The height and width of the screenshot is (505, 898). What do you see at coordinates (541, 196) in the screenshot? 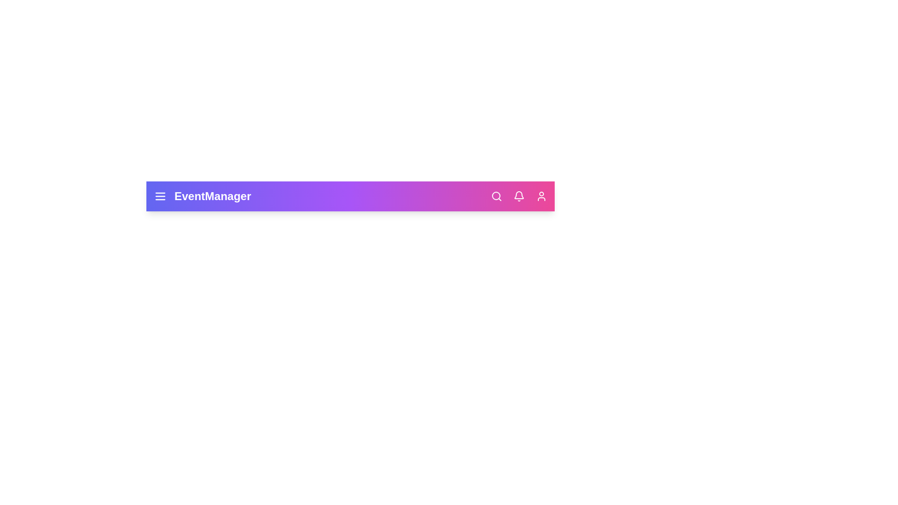
I see `the user profile icon located at the rightmost part of the app bar` at bounding box center [541, 196].